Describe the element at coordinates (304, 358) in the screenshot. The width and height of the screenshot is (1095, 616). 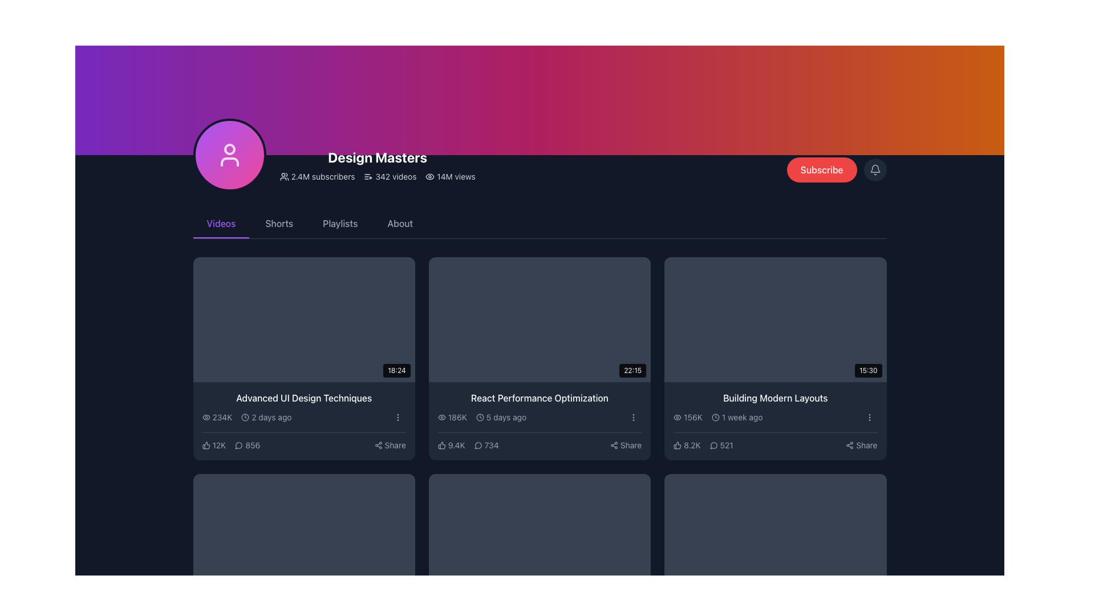
I see `the first video card in the grid layout` at that location.